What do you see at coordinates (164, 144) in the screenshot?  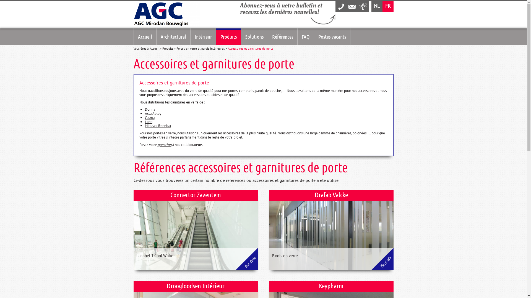 I see `'question'` at bounding box center [164, 144].